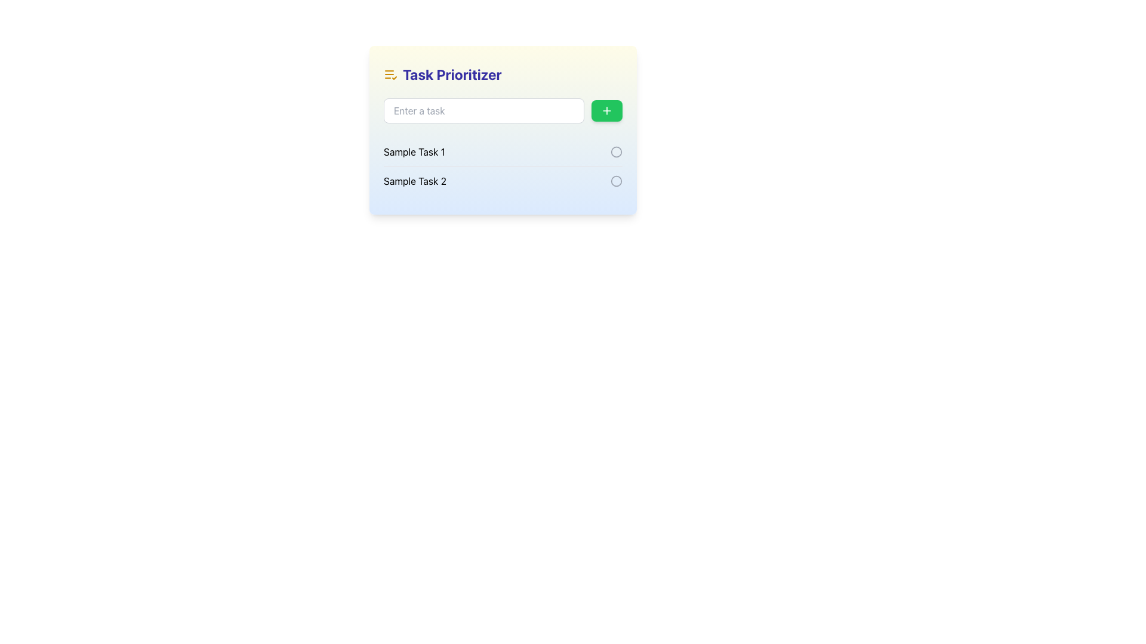 Image resolution: width=1146 pixels, height=644 pixels. Describe the element at coordinates (616, 181) in the screenshot. I see `the circular interactive icon styled as a button or toggle, which is located` at that location.